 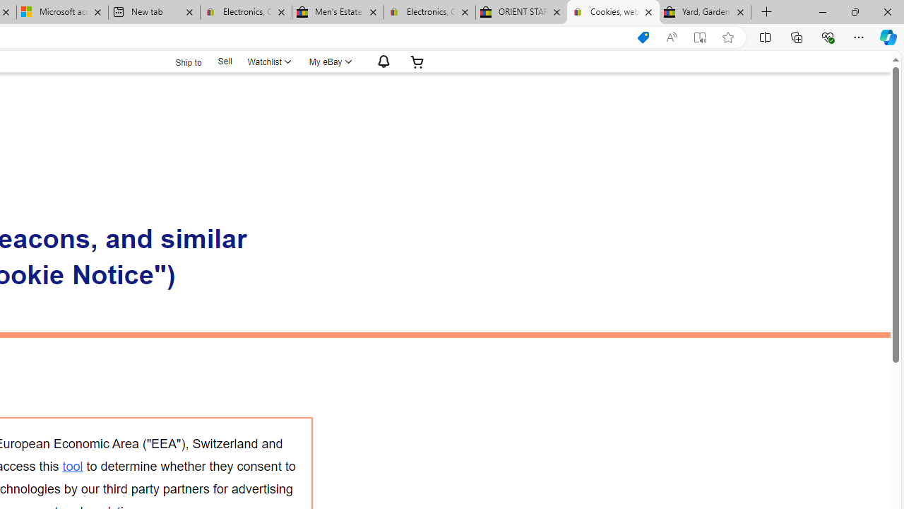 I want to click on 'Ship to', so click(x=179, y=62).